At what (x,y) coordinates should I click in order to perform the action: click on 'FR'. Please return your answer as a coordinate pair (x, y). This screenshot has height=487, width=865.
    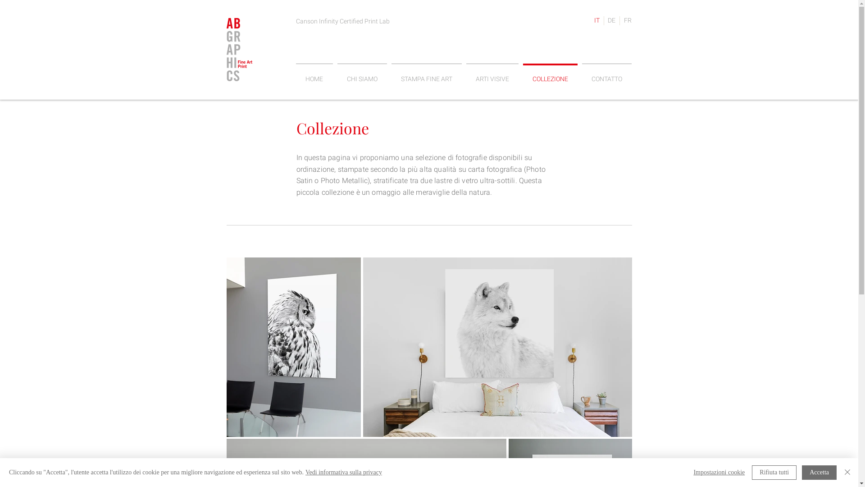
    Looking at the image, I should click on (627, 20).